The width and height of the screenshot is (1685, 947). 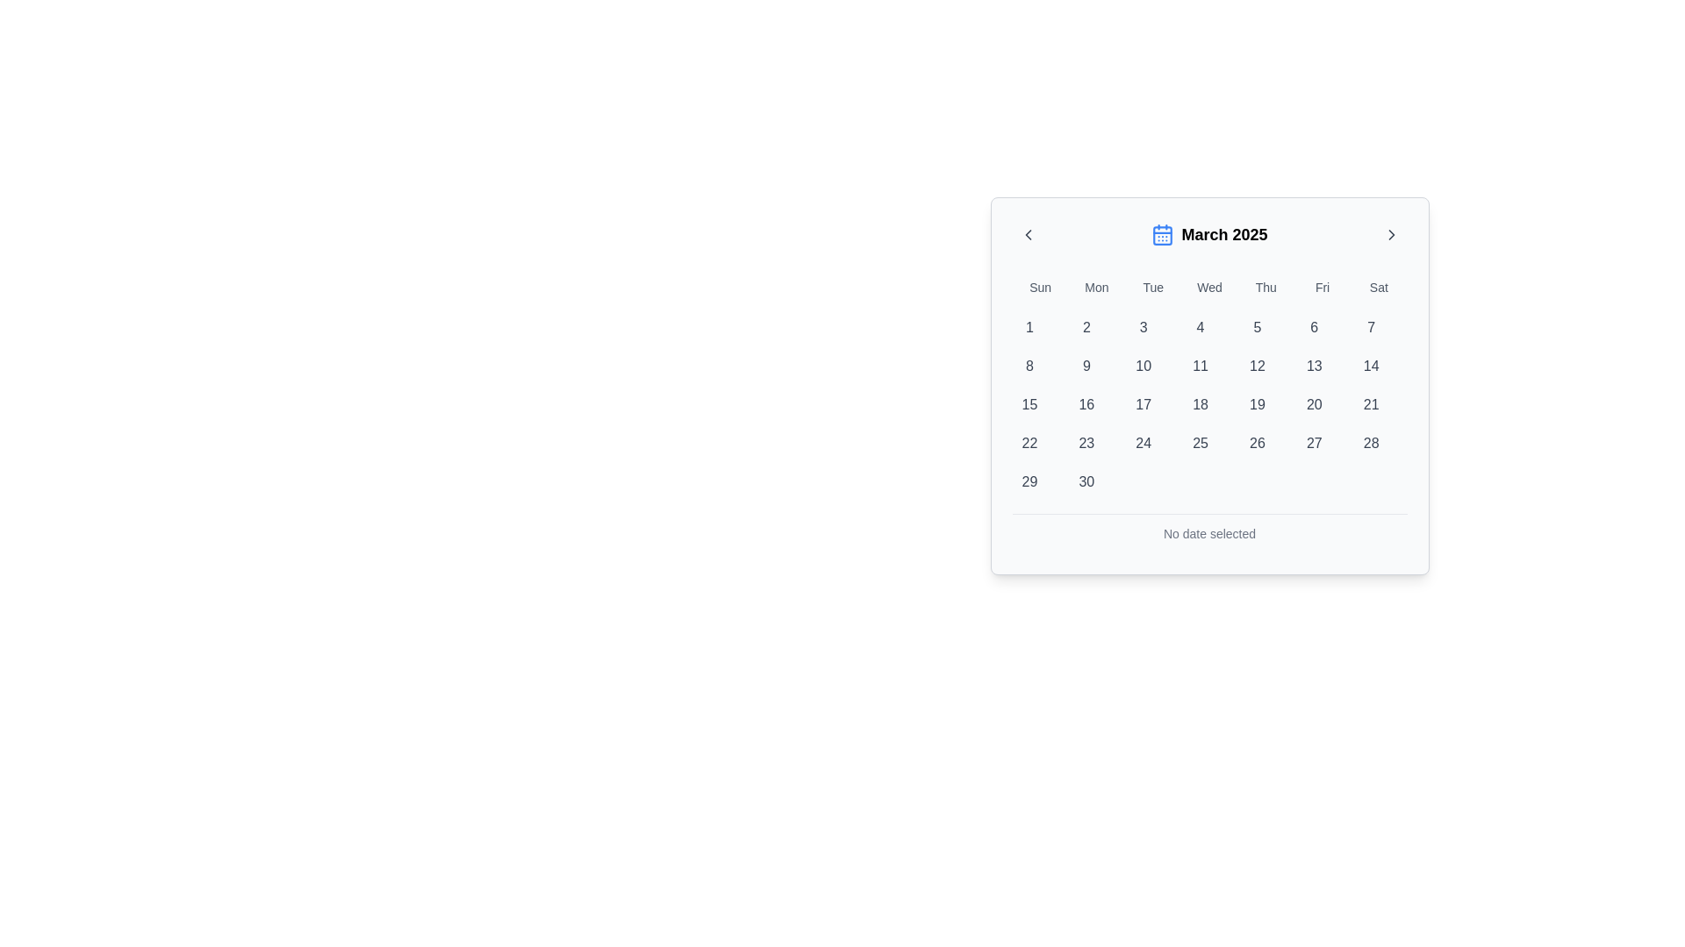 I want to click on the circular button labeled '8' in the second row under the Sunday column of the calendar grid, so click(x=1029, y=365).